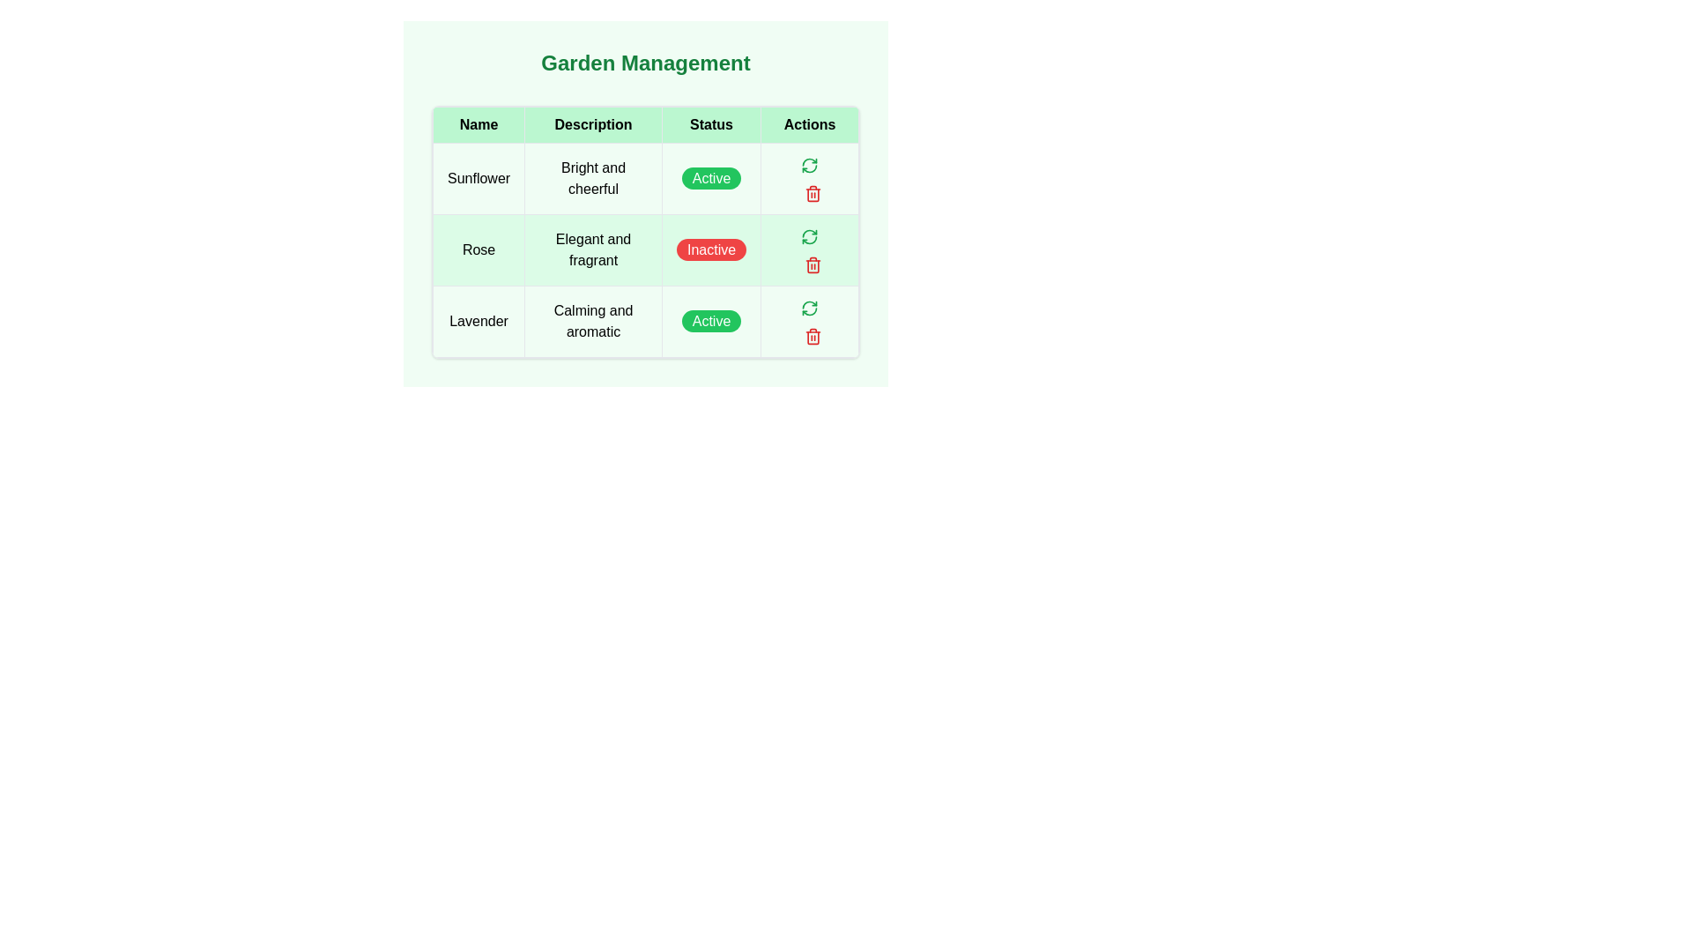  I want to click on the 'Status' text label in the header row of the table, which is centrally aligned with a black font on a light green background, located in the third column, so click(711, 124).